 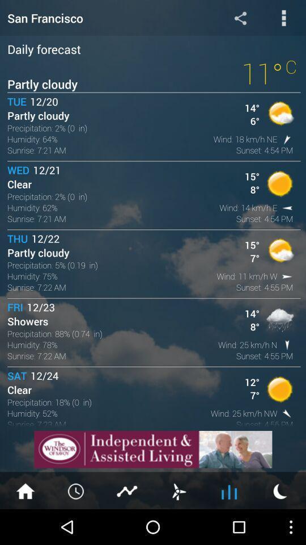 What do you see at coordinates (240, 17) in the screenshot?
I see `share botton` at bounding box center [240, 17].